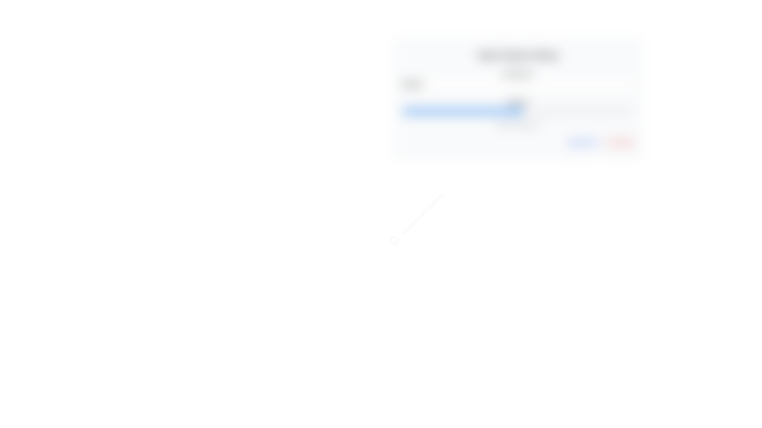 This screenshot has height=428, width=762. Describe the element at coordinates (427, 111) in the screenshot. I see `the slider value` at that location.